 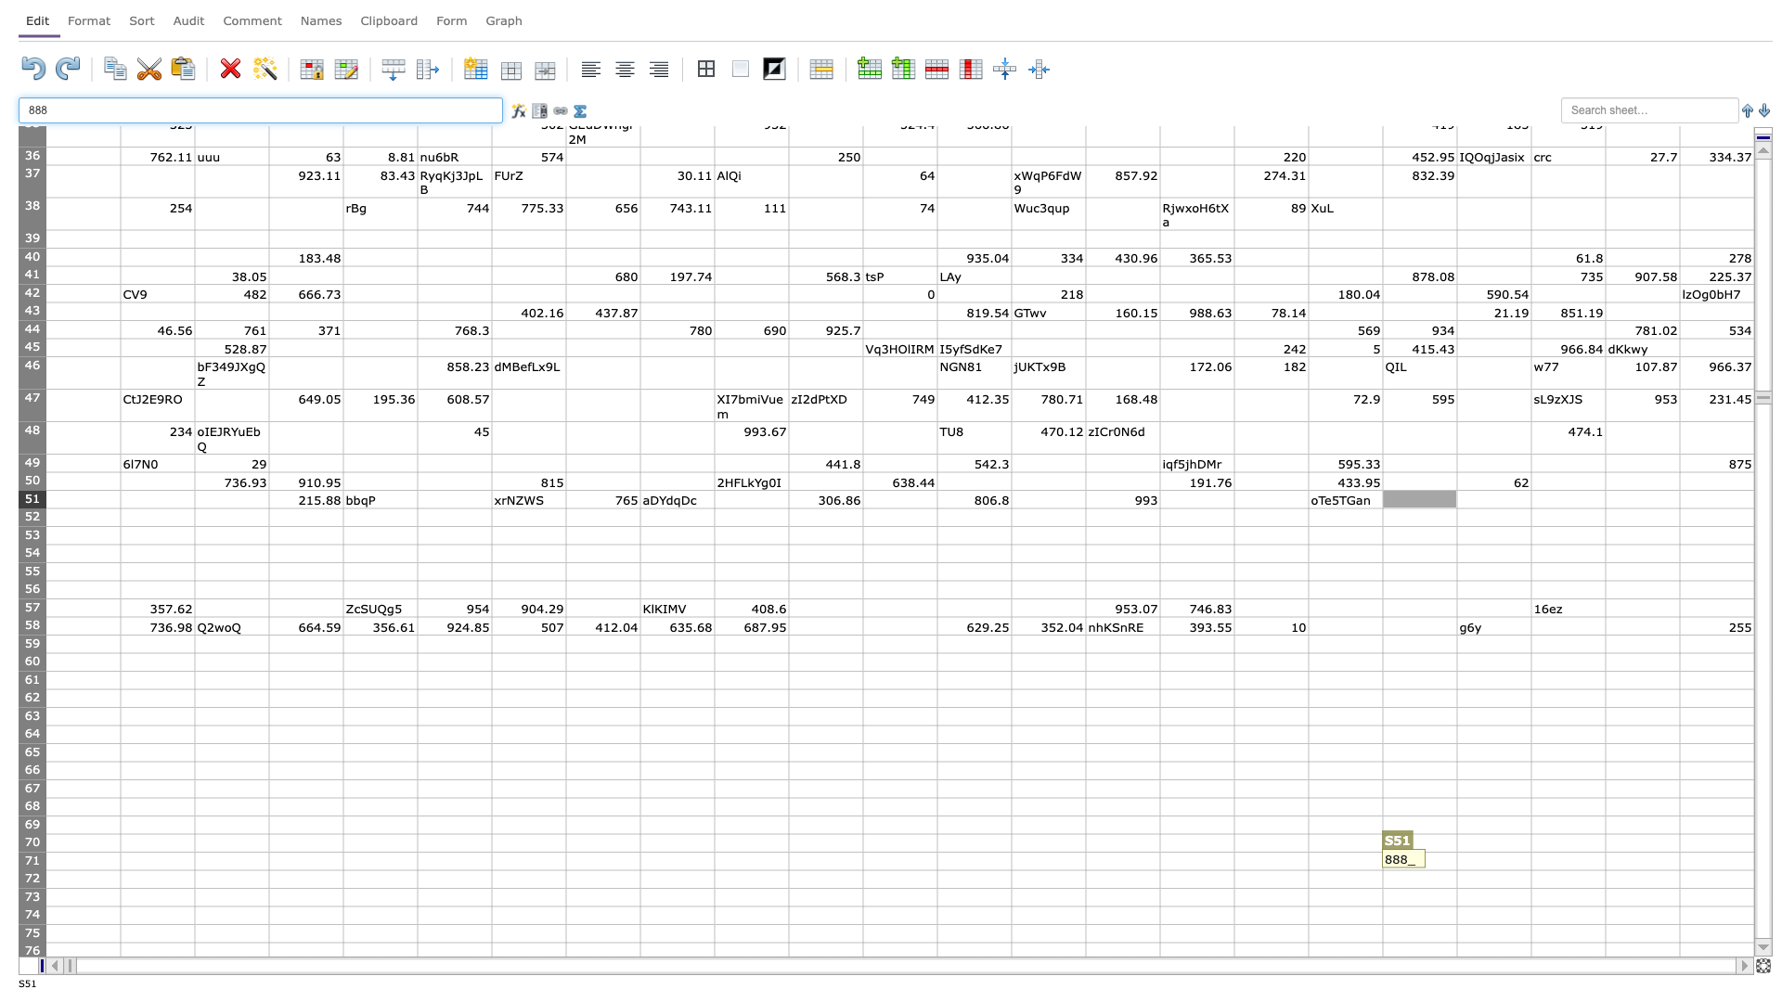 What do you see at coordinates (1531, 869) in the screenshot?
I see `fill handle of cell T71` at bounding box center [1531, 869].